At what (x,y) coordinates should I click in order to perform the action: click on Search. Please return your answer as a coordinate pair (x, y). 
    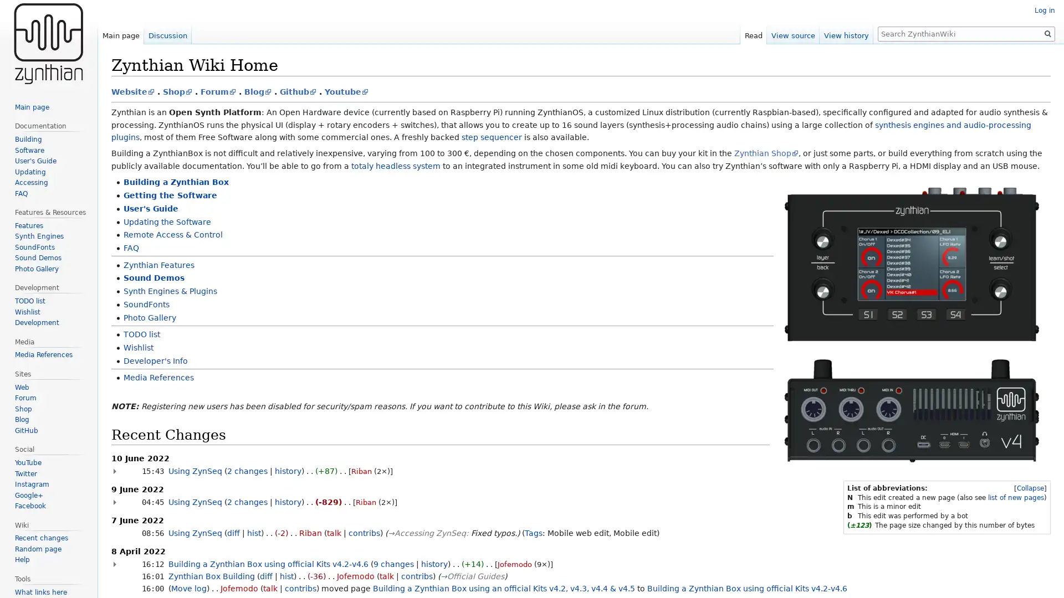
    Looking at the image, I should click on (1047, 33).